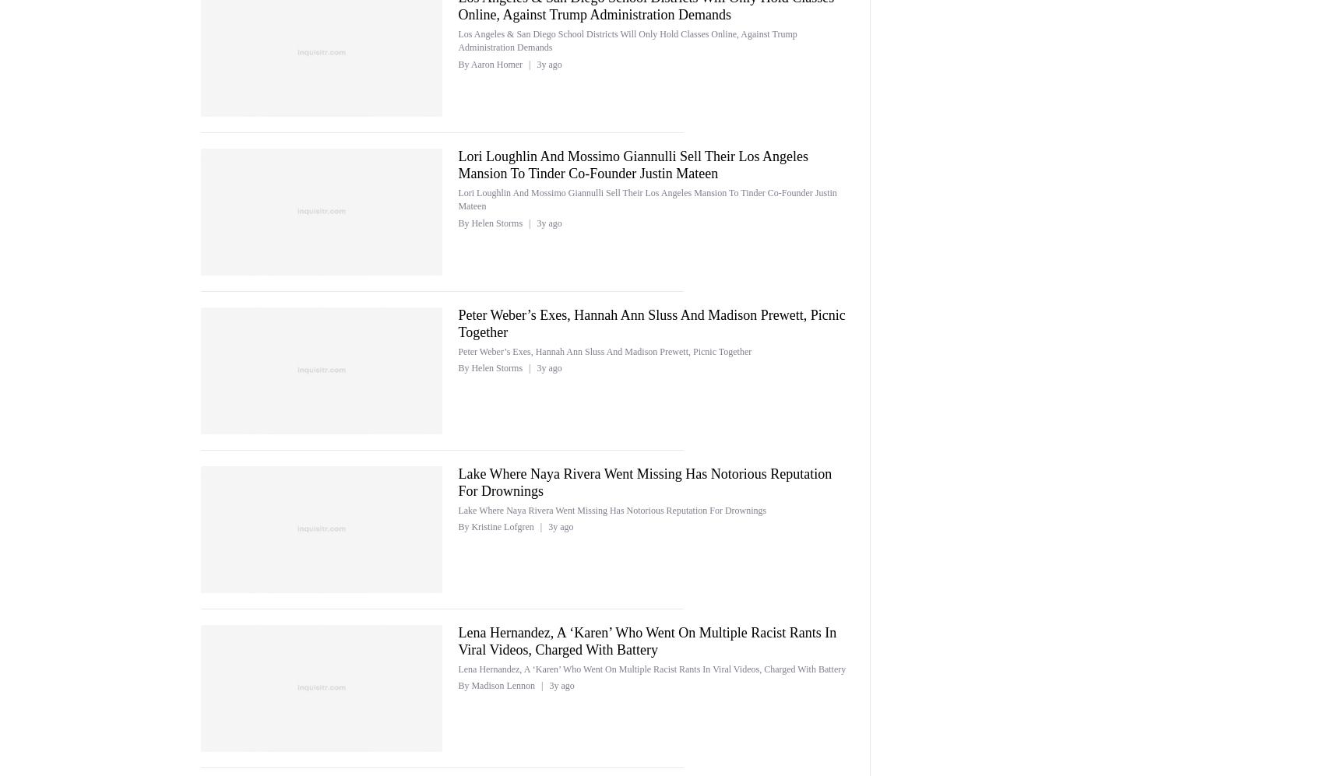  What do you see at coordinates (491, 62) in the screenshot?
I see `'By Aaron Homer'` at bounding box center [491, 62].